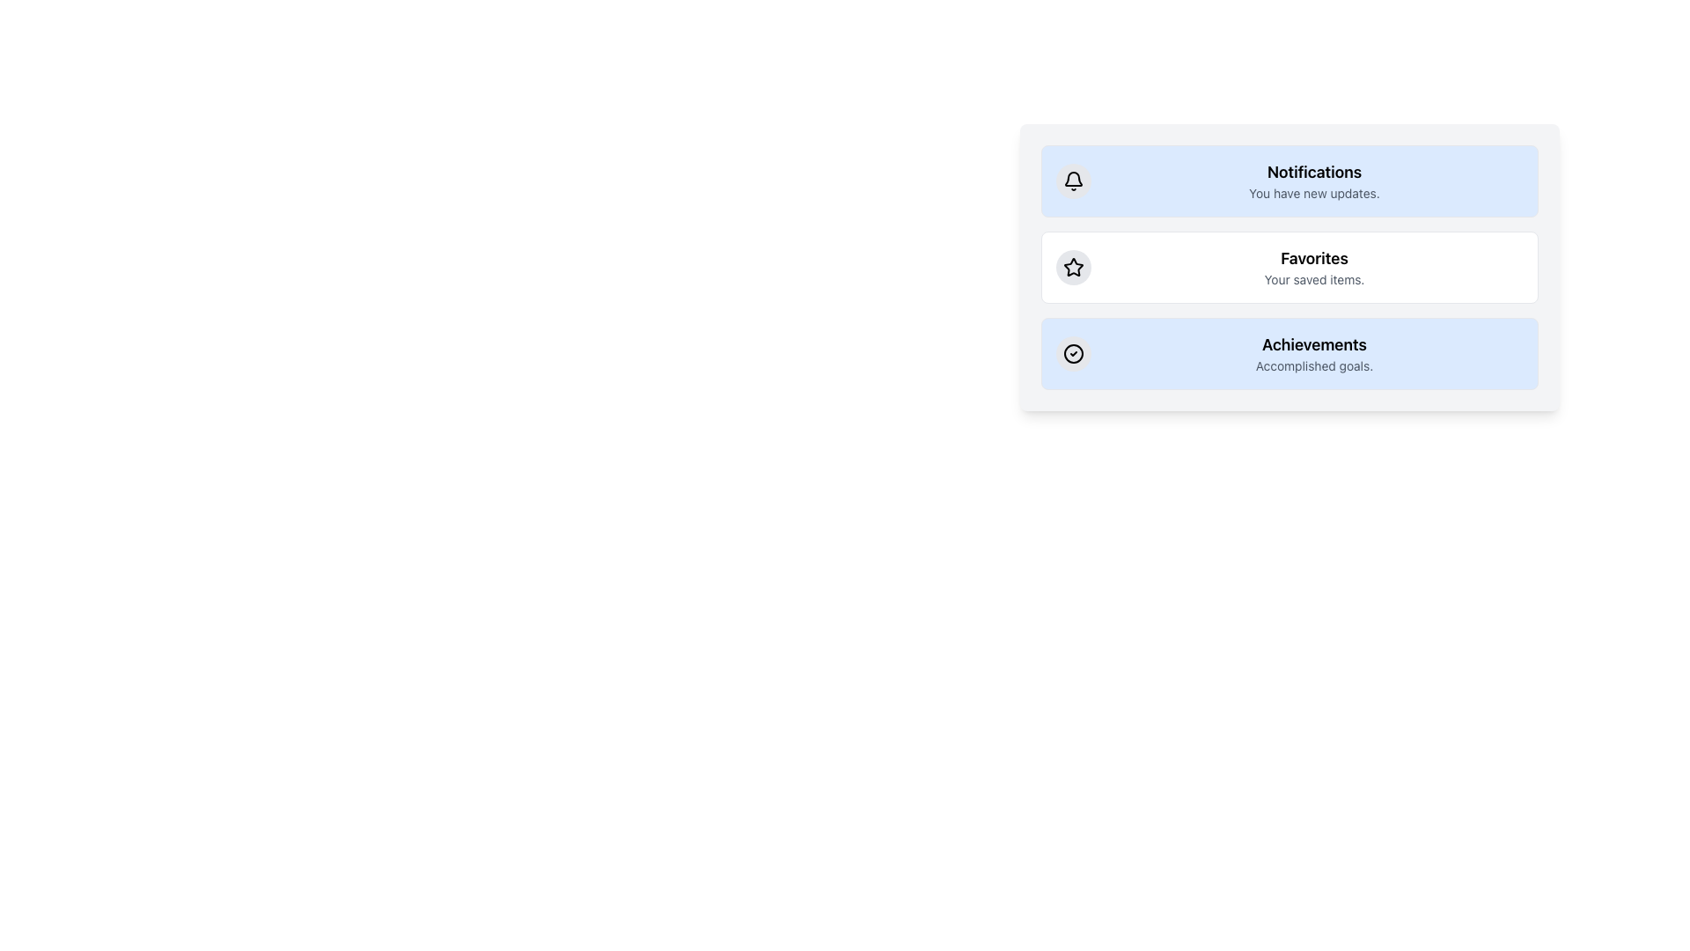 This screenshot has height=951, width=1690. Describe the element at coordinates (1314, 268) in the screenshot. I see `the 'Favorites' textual label element that indicates 'Your saved items.'` at that location.